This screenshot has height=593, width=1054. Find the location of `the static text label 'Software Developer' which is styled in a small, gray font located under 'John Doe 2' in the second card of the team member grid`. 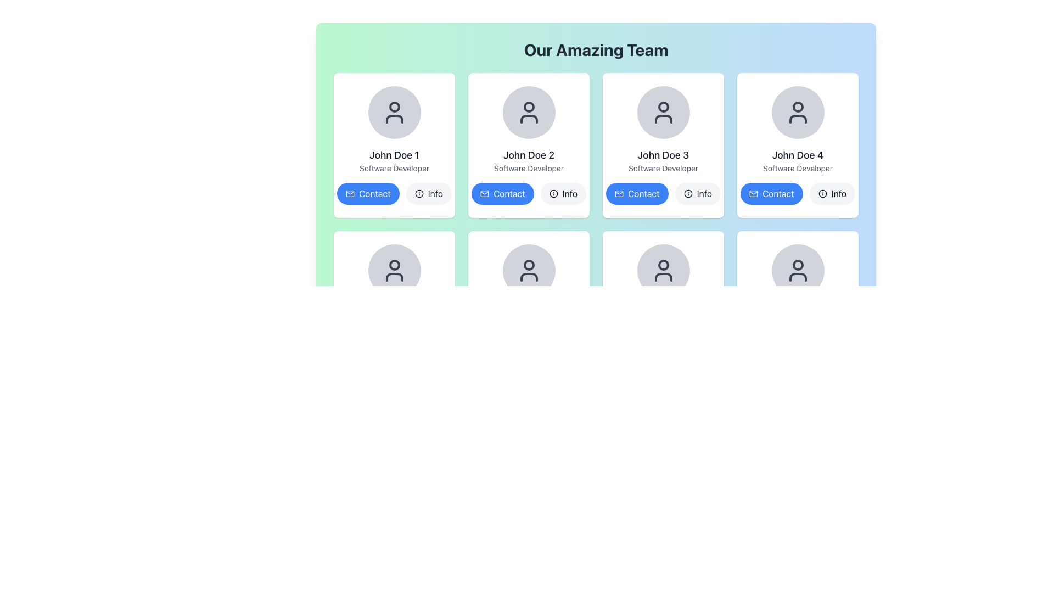

the static text label 'Software Developer' which is styled in a small, gray font located under 'John Doe 2' in the second card of the team member grid is located at coordinates (529, 169).